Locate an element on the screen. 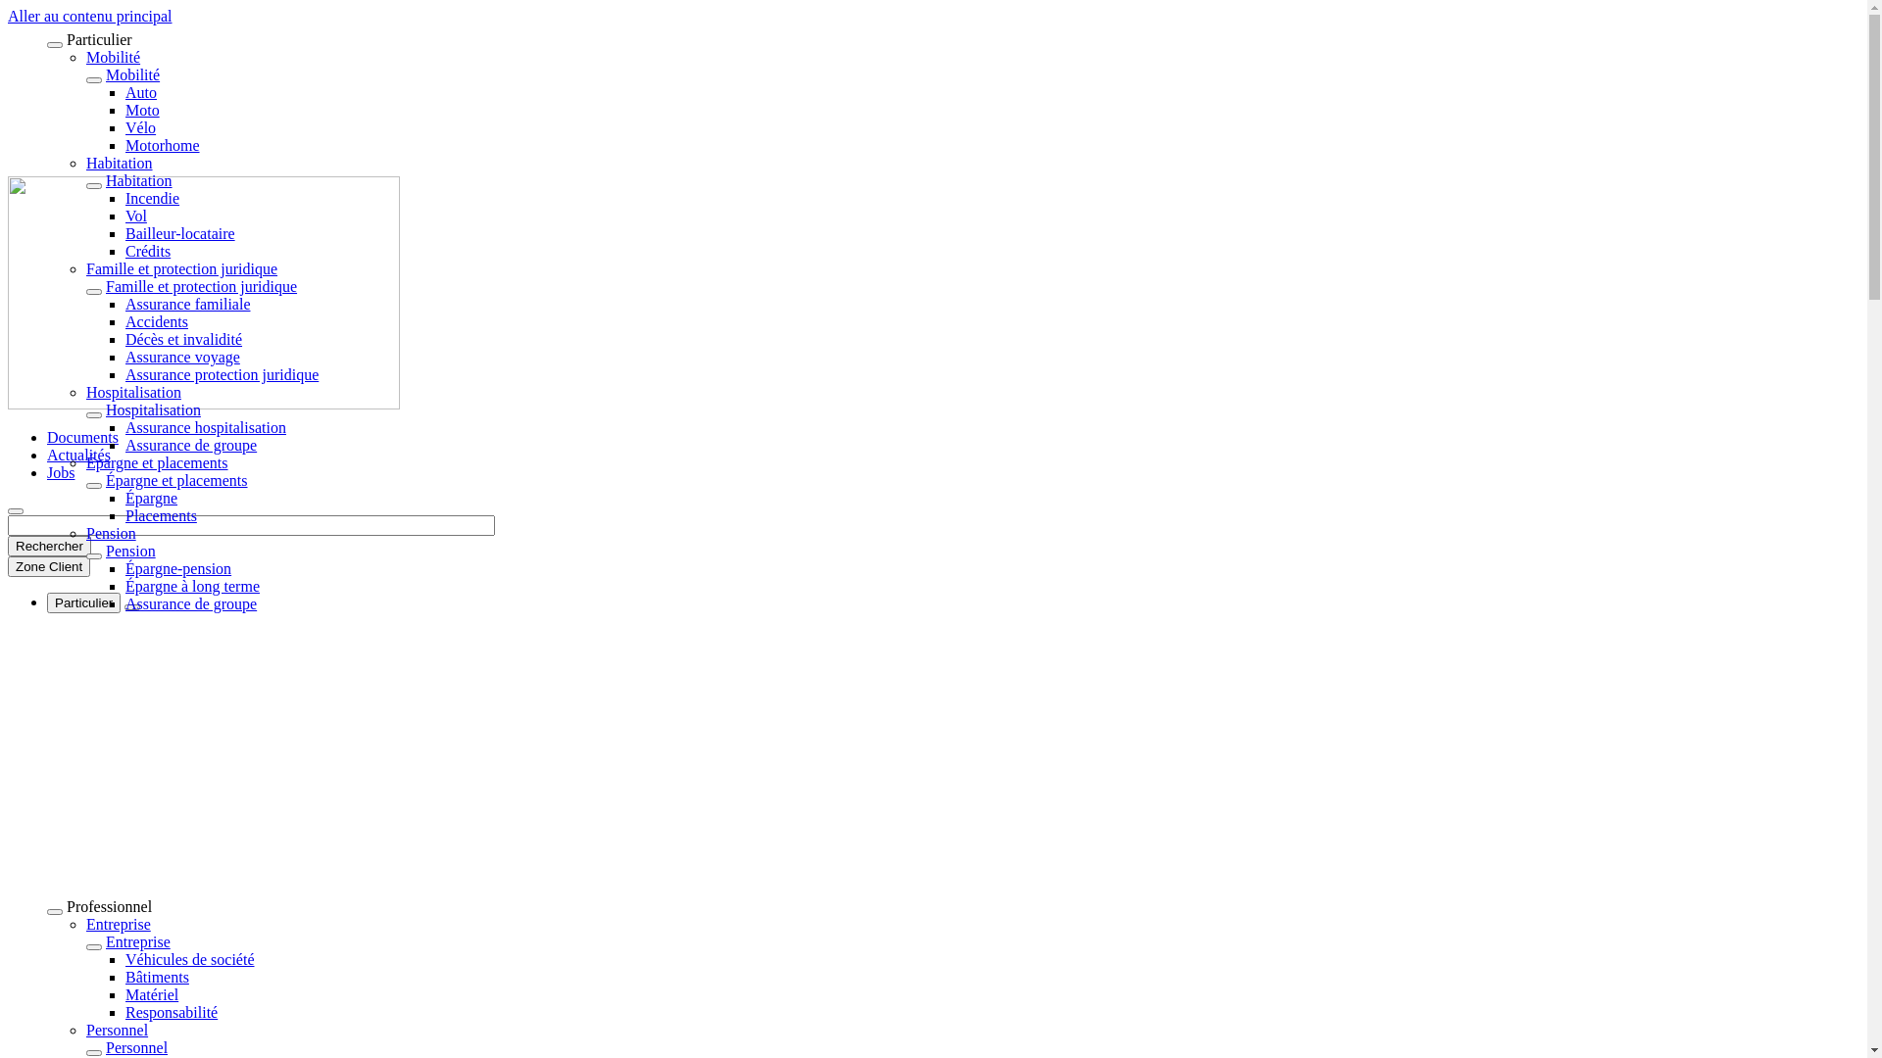  'Accidents' is located at coordinates (155, 320).